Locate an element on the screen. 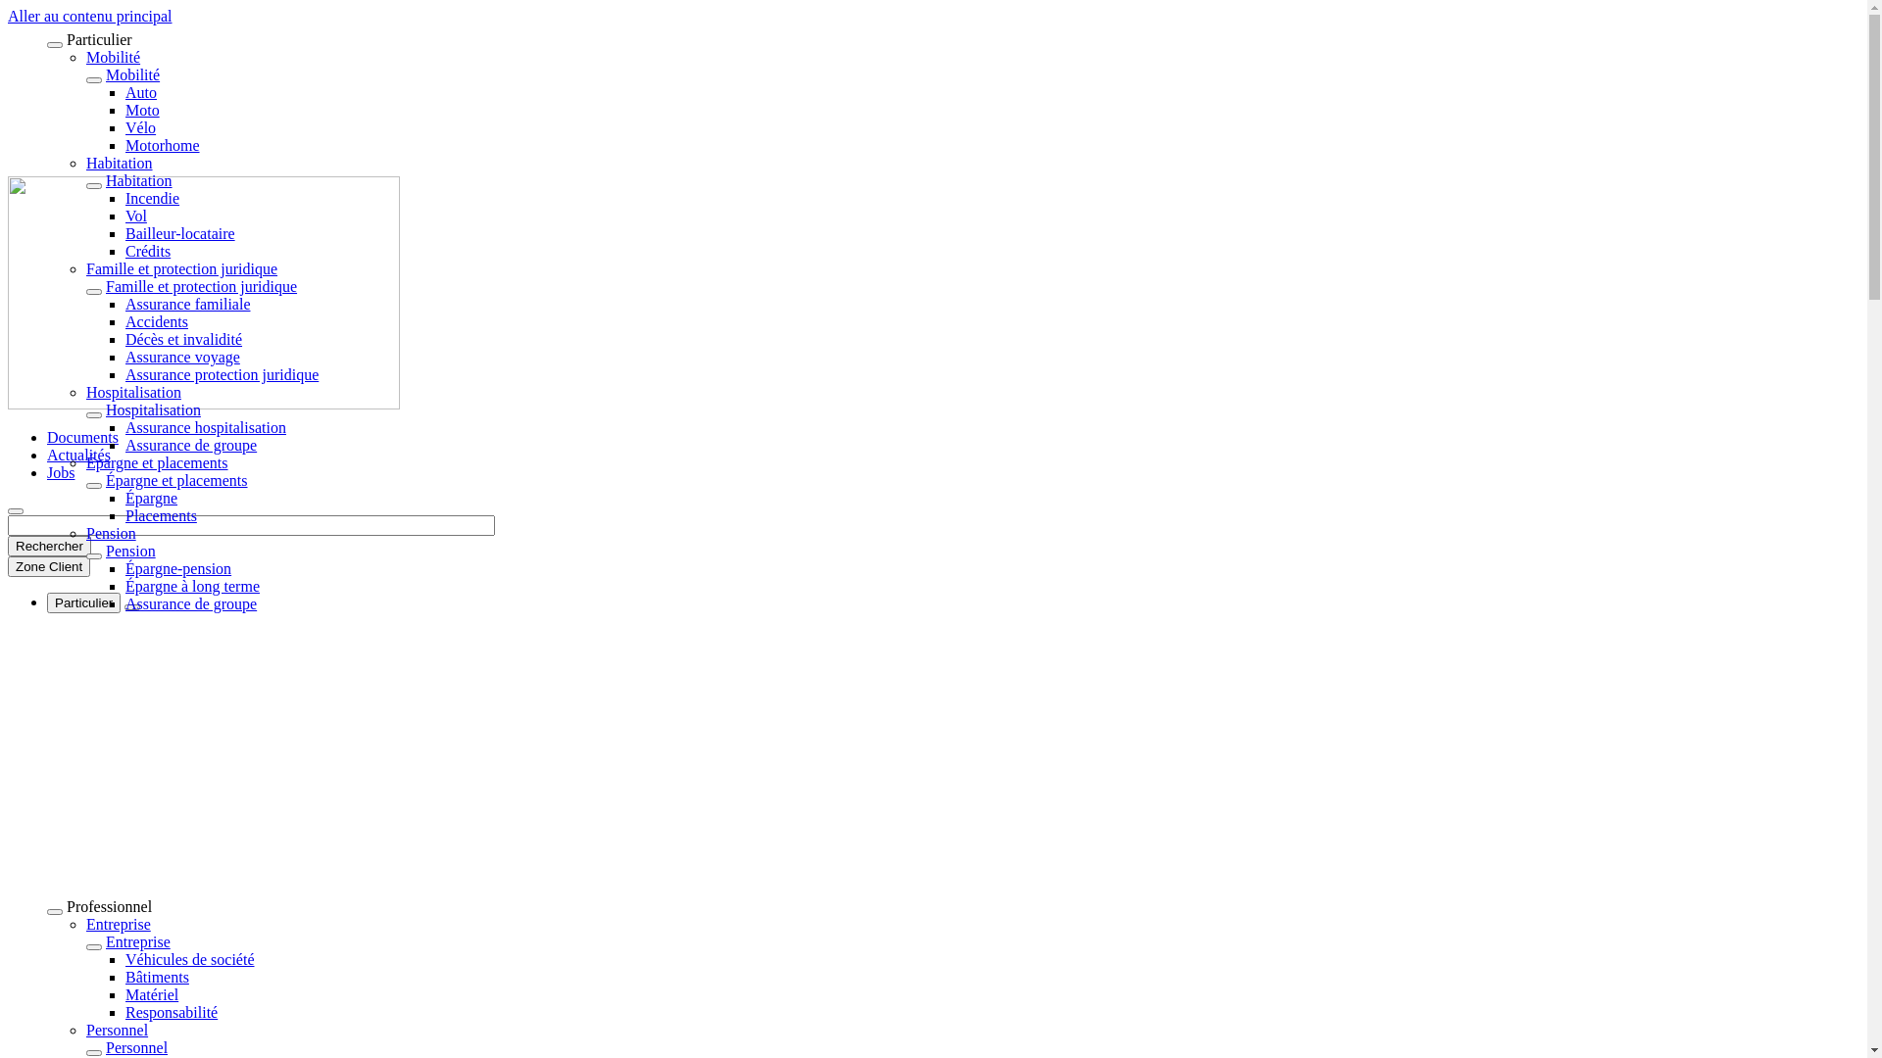  'Accidents' is located at coordinates (155, 320).